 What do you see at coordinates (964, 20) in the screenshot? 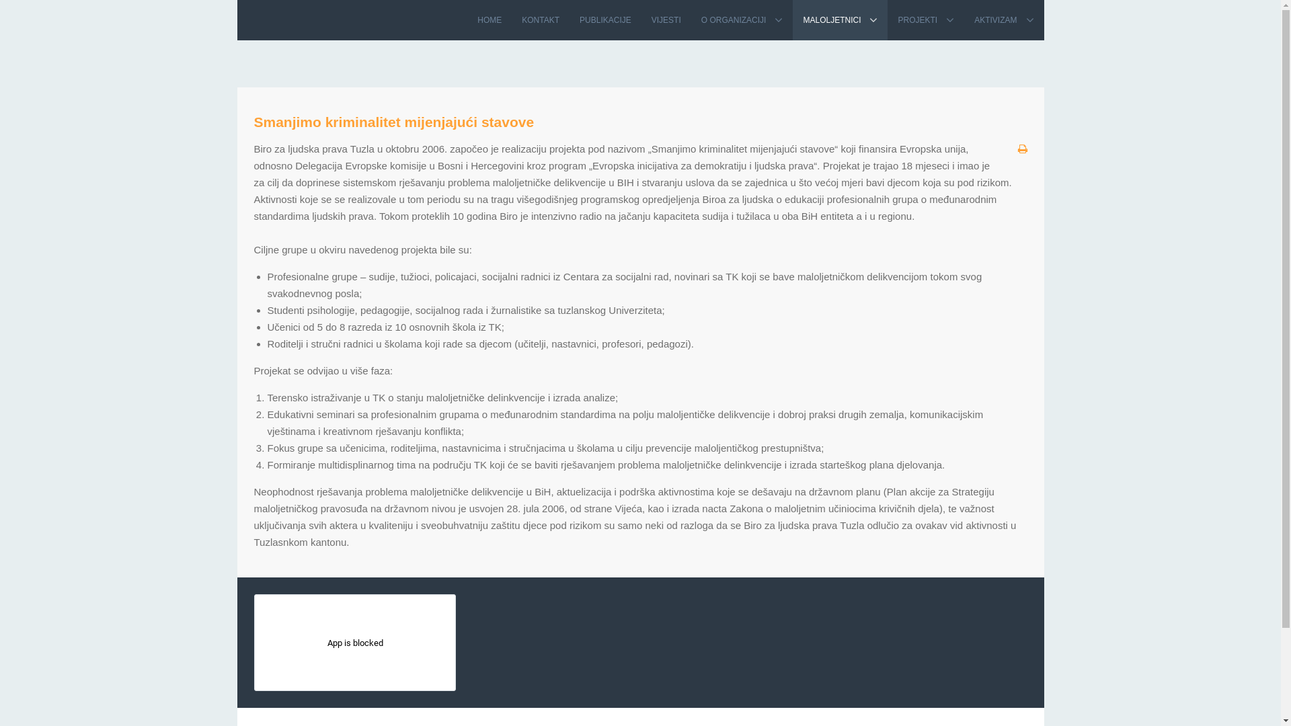
I see `'AKTIVIZAM'` at bounding box center [964, 20].